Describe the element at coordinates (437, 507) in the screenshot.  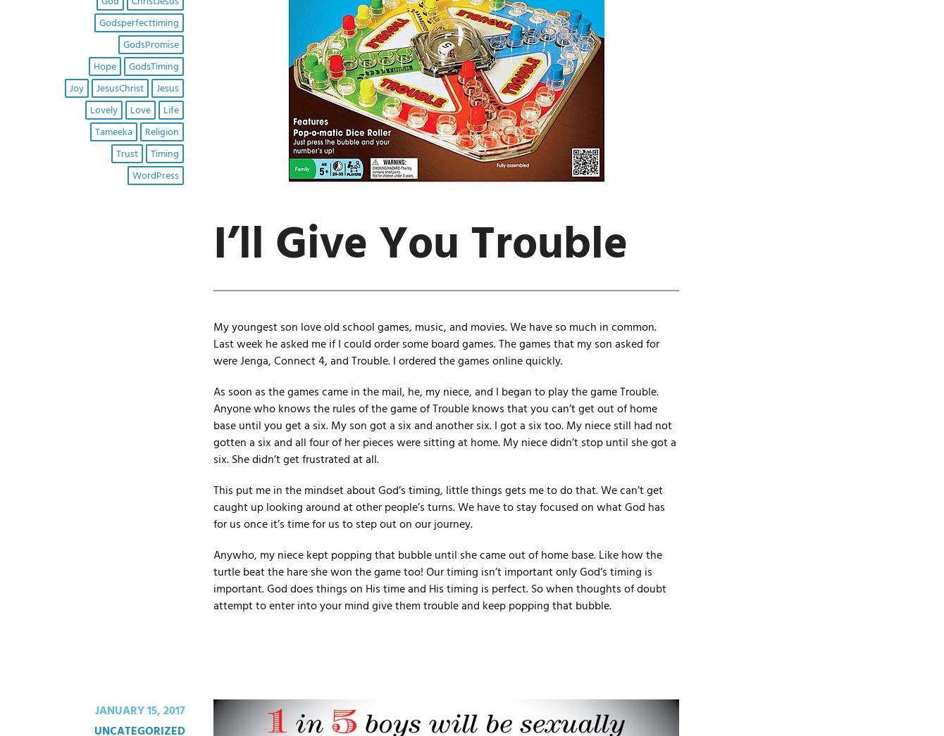
I see `'This put me in the mindset about God’s timing, little things gets me to do that. We can’t get caught up looking around at other people’s turns. We have to stay focused on what God has for us once it’s time for us to step out on our journey.'` at that location.